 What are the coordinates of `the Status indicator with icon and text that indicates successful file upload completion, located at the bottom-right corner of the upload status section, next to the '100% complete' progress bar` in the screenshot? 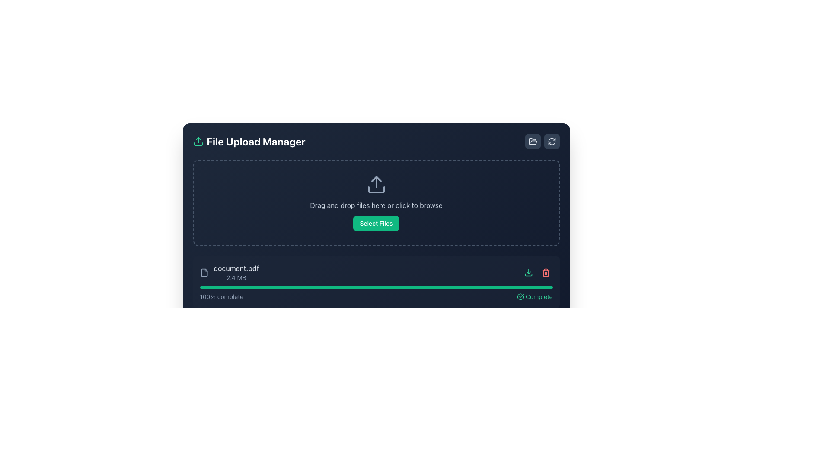 It's located at (534, 296).